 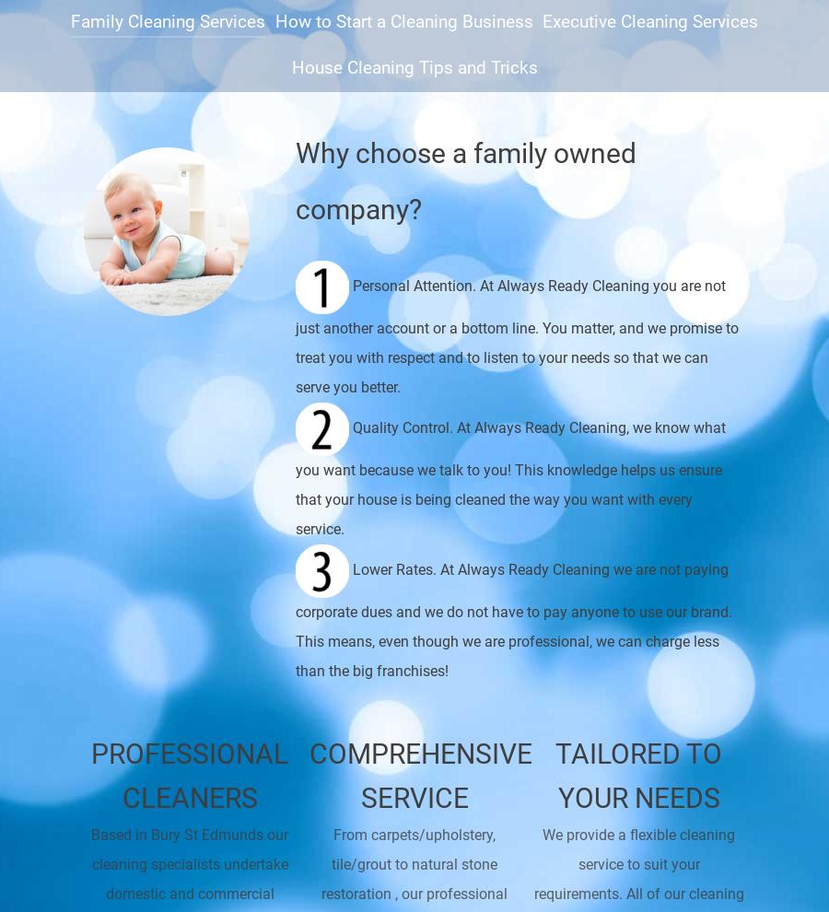 I want to click on 'Executive Cleaning Services', so click(x=648, y=20).